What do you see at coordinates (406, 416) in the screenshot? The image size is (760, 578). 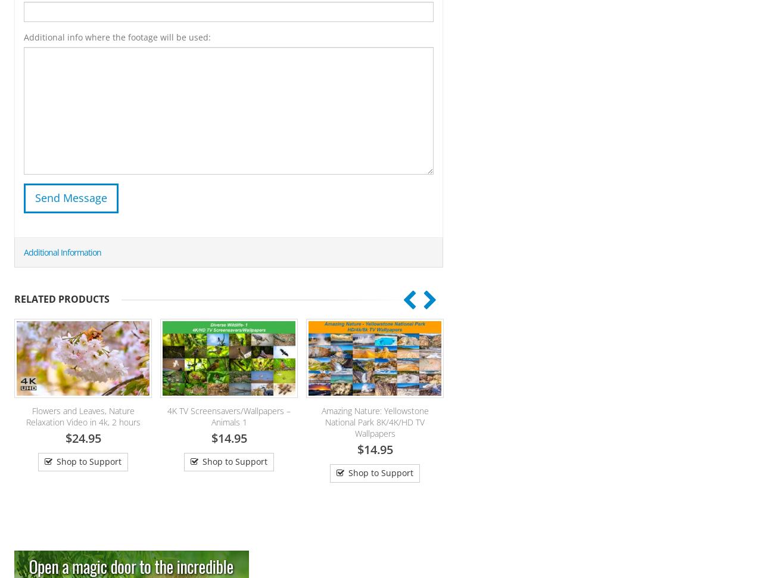 I see `'Mount Rainier National Park – film in 4K (Episodes 1,2,3)'` at bounding box center [406, 416].